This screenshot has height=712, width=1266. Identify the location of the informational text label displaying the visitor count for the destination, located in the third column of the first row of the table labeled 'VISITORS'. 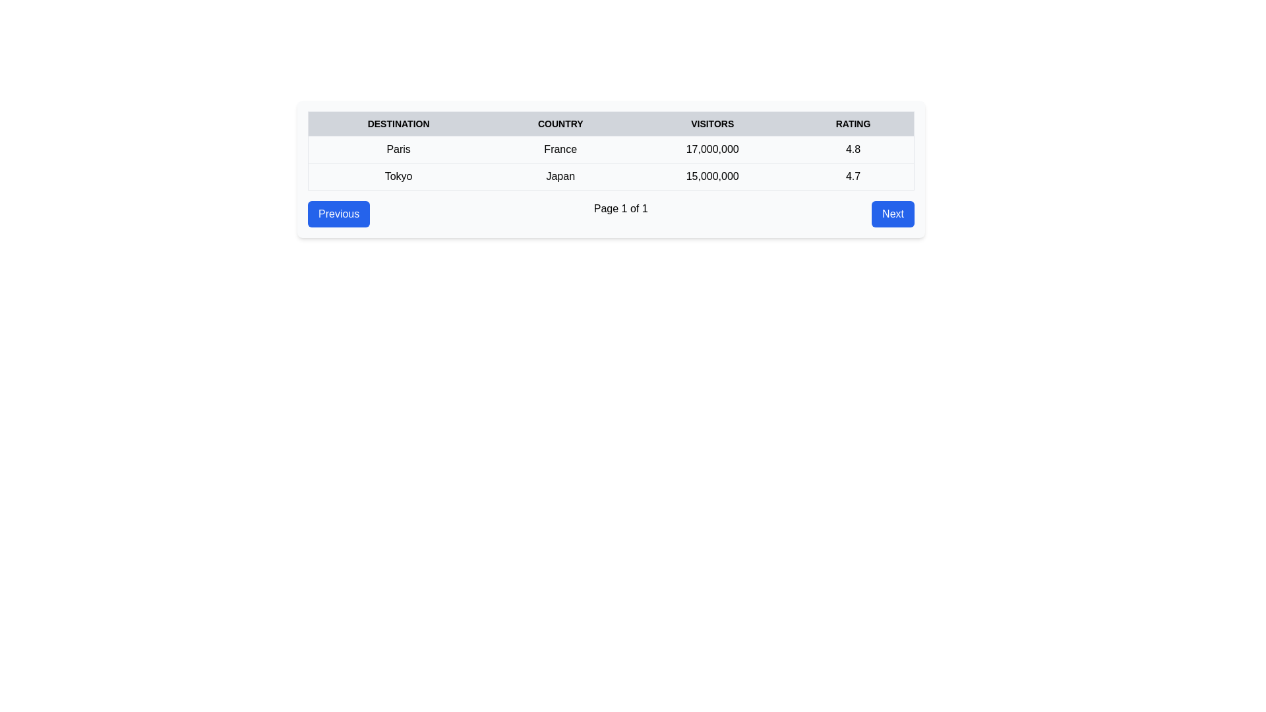
(711, 149).